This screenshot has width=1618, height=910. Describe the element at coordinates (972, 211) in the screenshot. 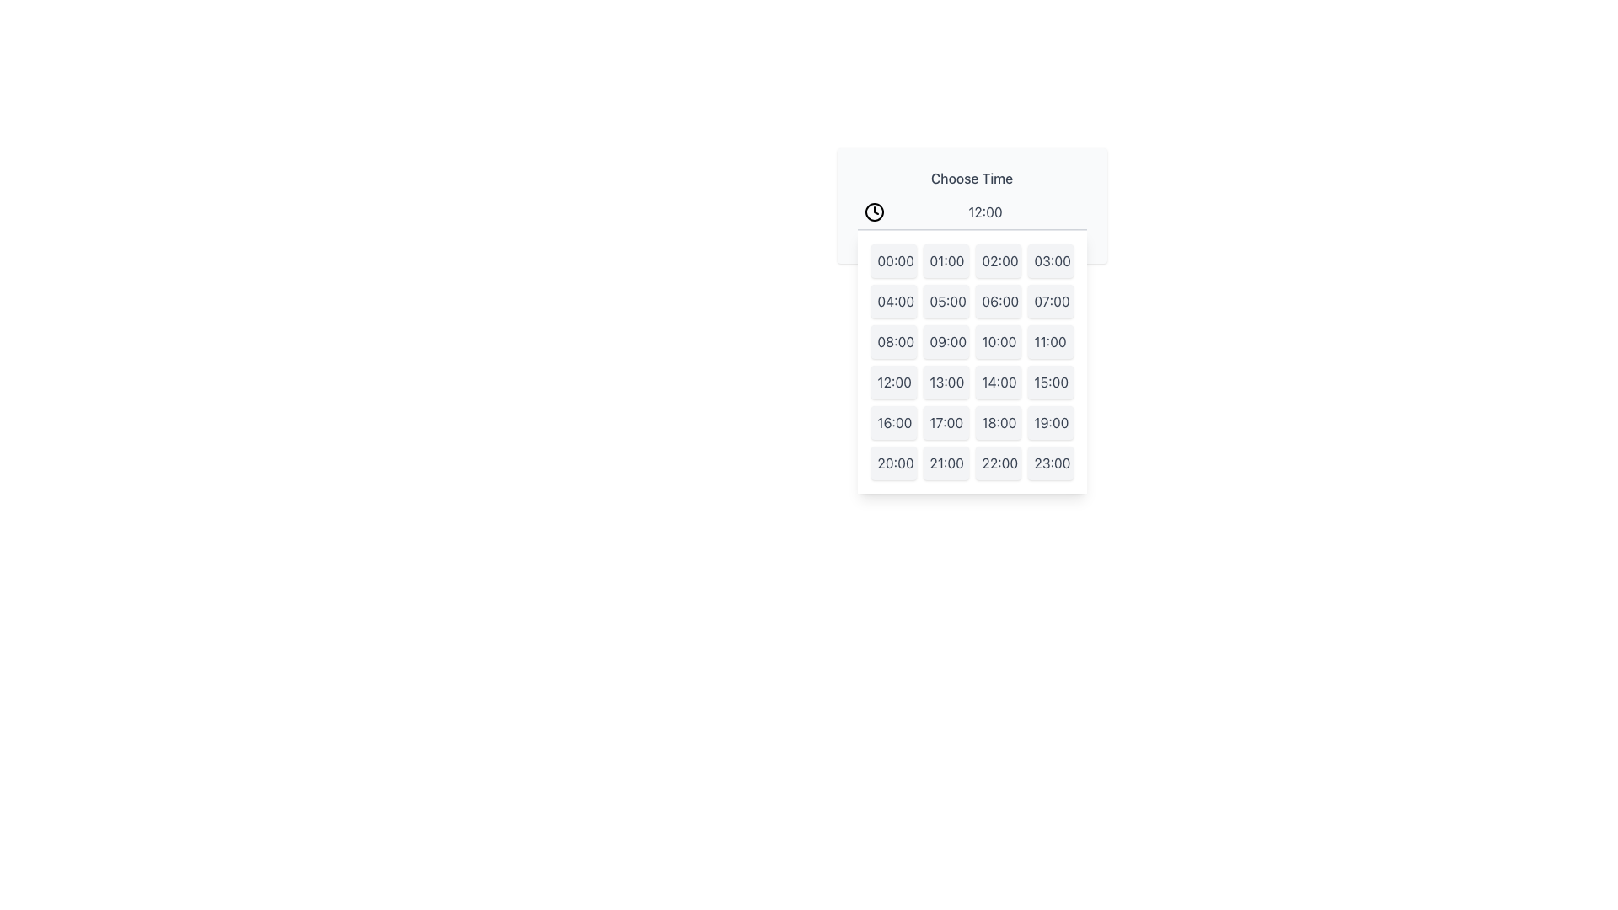

I see `the Time selector display field, which shows the time value '12:00' next to a clock icon` at that location.